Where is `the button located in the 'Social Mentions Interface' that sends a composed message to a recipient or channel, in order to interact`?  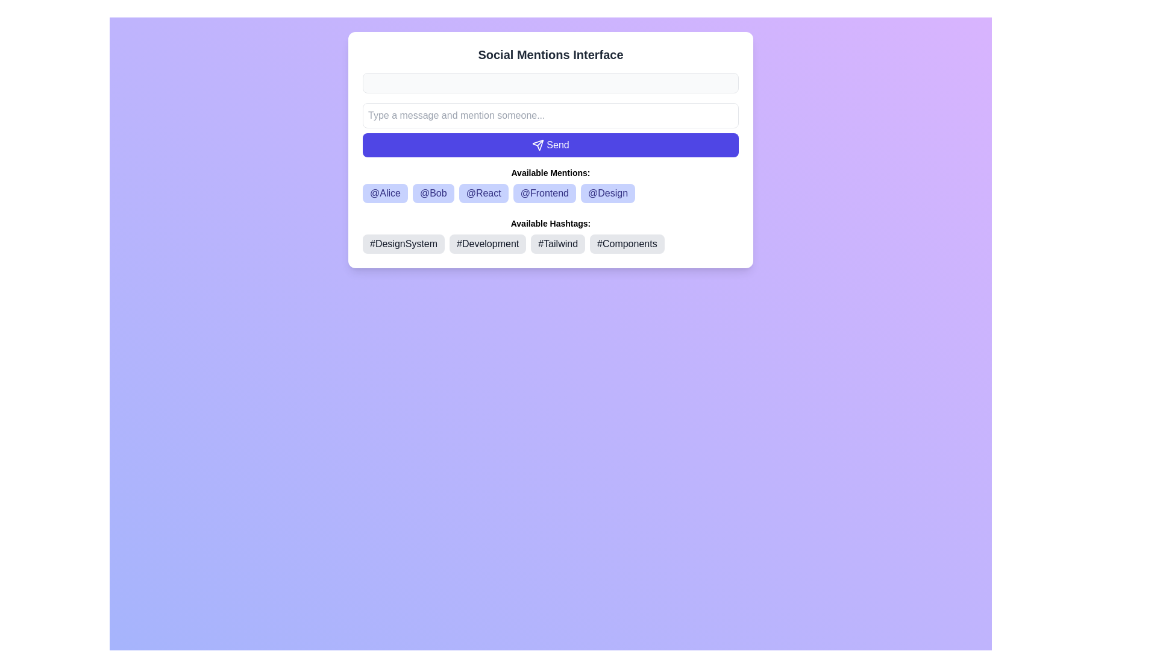
the button located in the 'Social Mentions Interface' that sends a composed message to a recipient or channel, in order to interact is located at coordinates (550, 149).